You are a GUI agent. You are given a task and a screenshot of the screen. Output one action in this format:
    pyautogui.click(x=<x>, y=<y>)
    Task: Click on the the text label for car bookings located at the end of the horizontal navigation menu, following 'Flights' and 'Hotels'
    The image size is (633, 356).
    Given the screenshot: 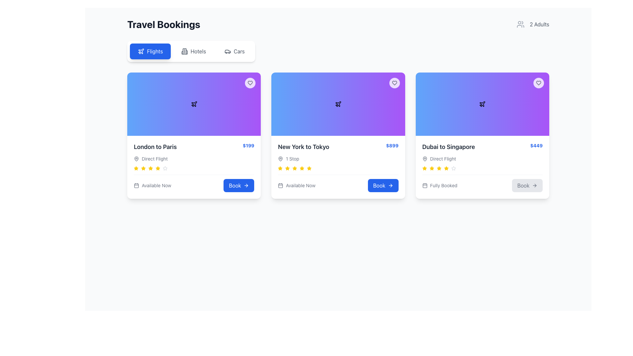 What is the action you would take?
    pyautogui.click(x=239, y=51)
    